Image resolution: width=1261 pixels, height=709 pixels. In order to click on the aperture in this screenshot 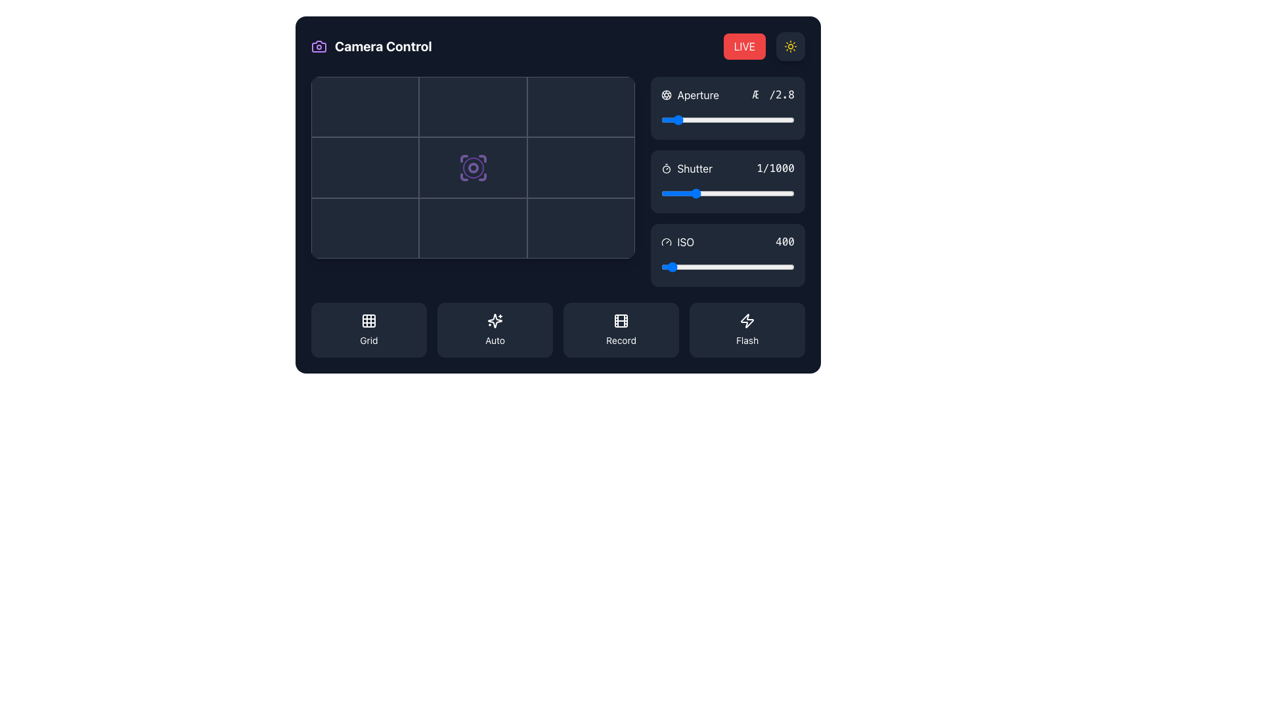, I will do `click(676, 119)`.